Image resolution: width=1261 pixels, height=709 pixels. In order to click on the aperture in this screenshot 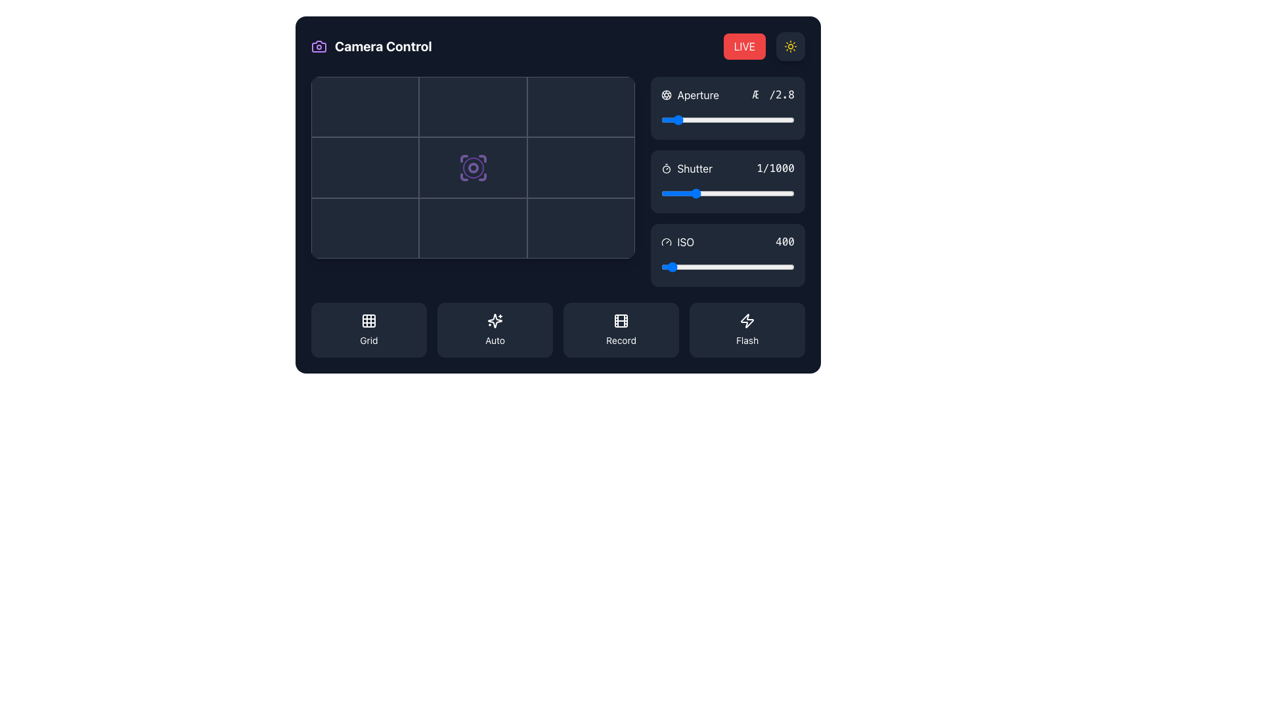, I will do `click(676, 119)`.